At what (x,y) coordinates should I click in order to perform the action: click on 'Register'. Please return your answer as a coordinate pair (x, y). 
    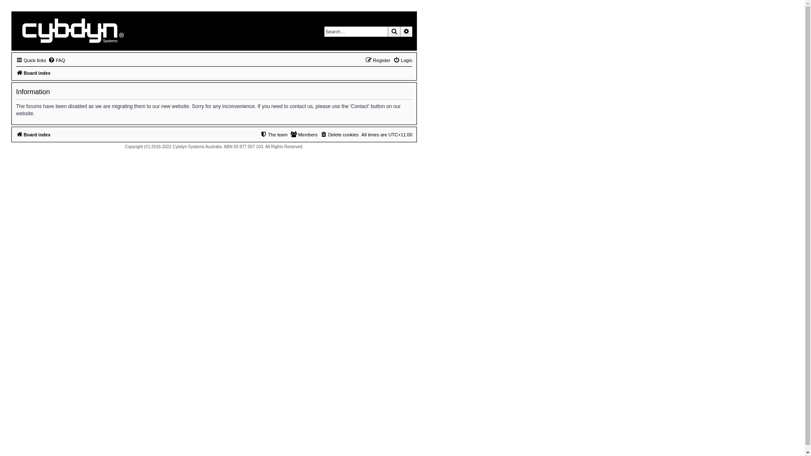
    Looking at the image, I should click on (377, 60).